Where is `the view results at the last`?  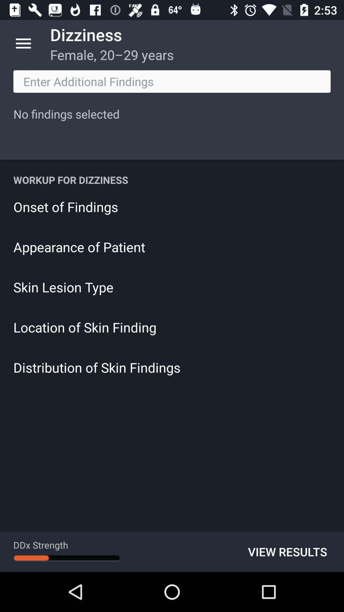
the view results at the last is located at coordinates (287, 551).